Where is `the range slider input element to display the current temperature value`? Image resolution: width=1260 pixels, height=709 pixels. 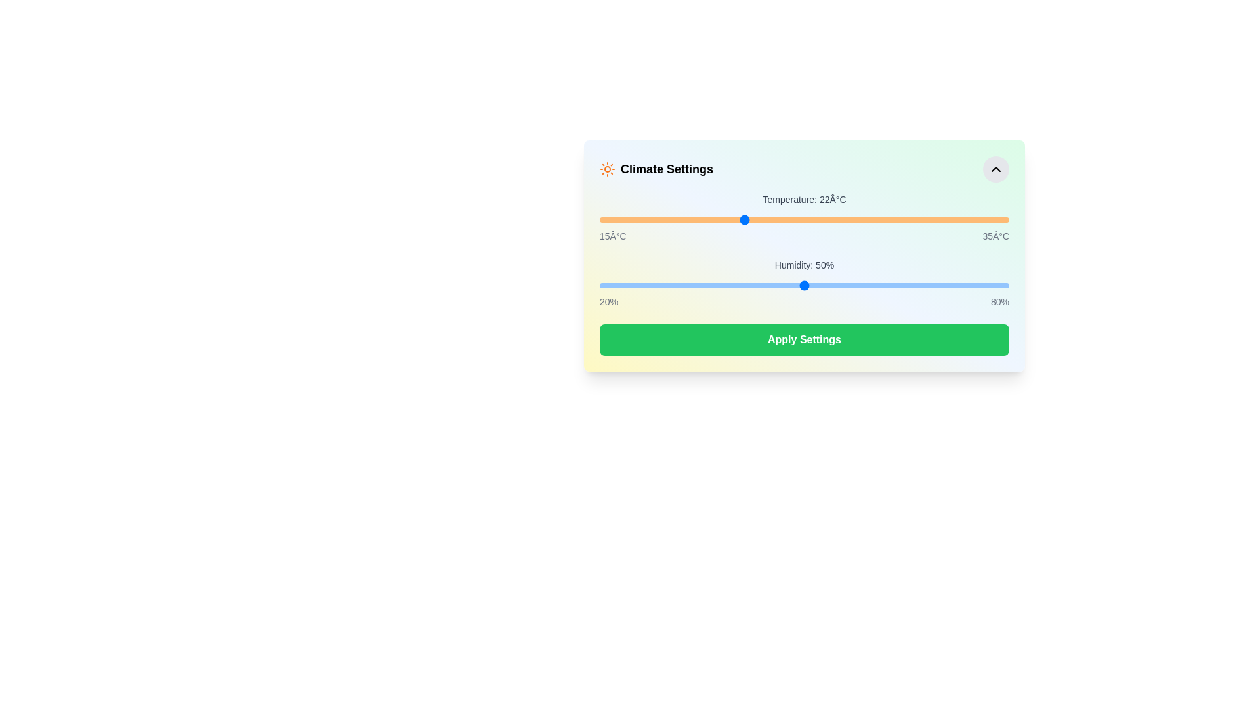 the range slider input element to display the current temperature value is located at coordinates (803, 219).